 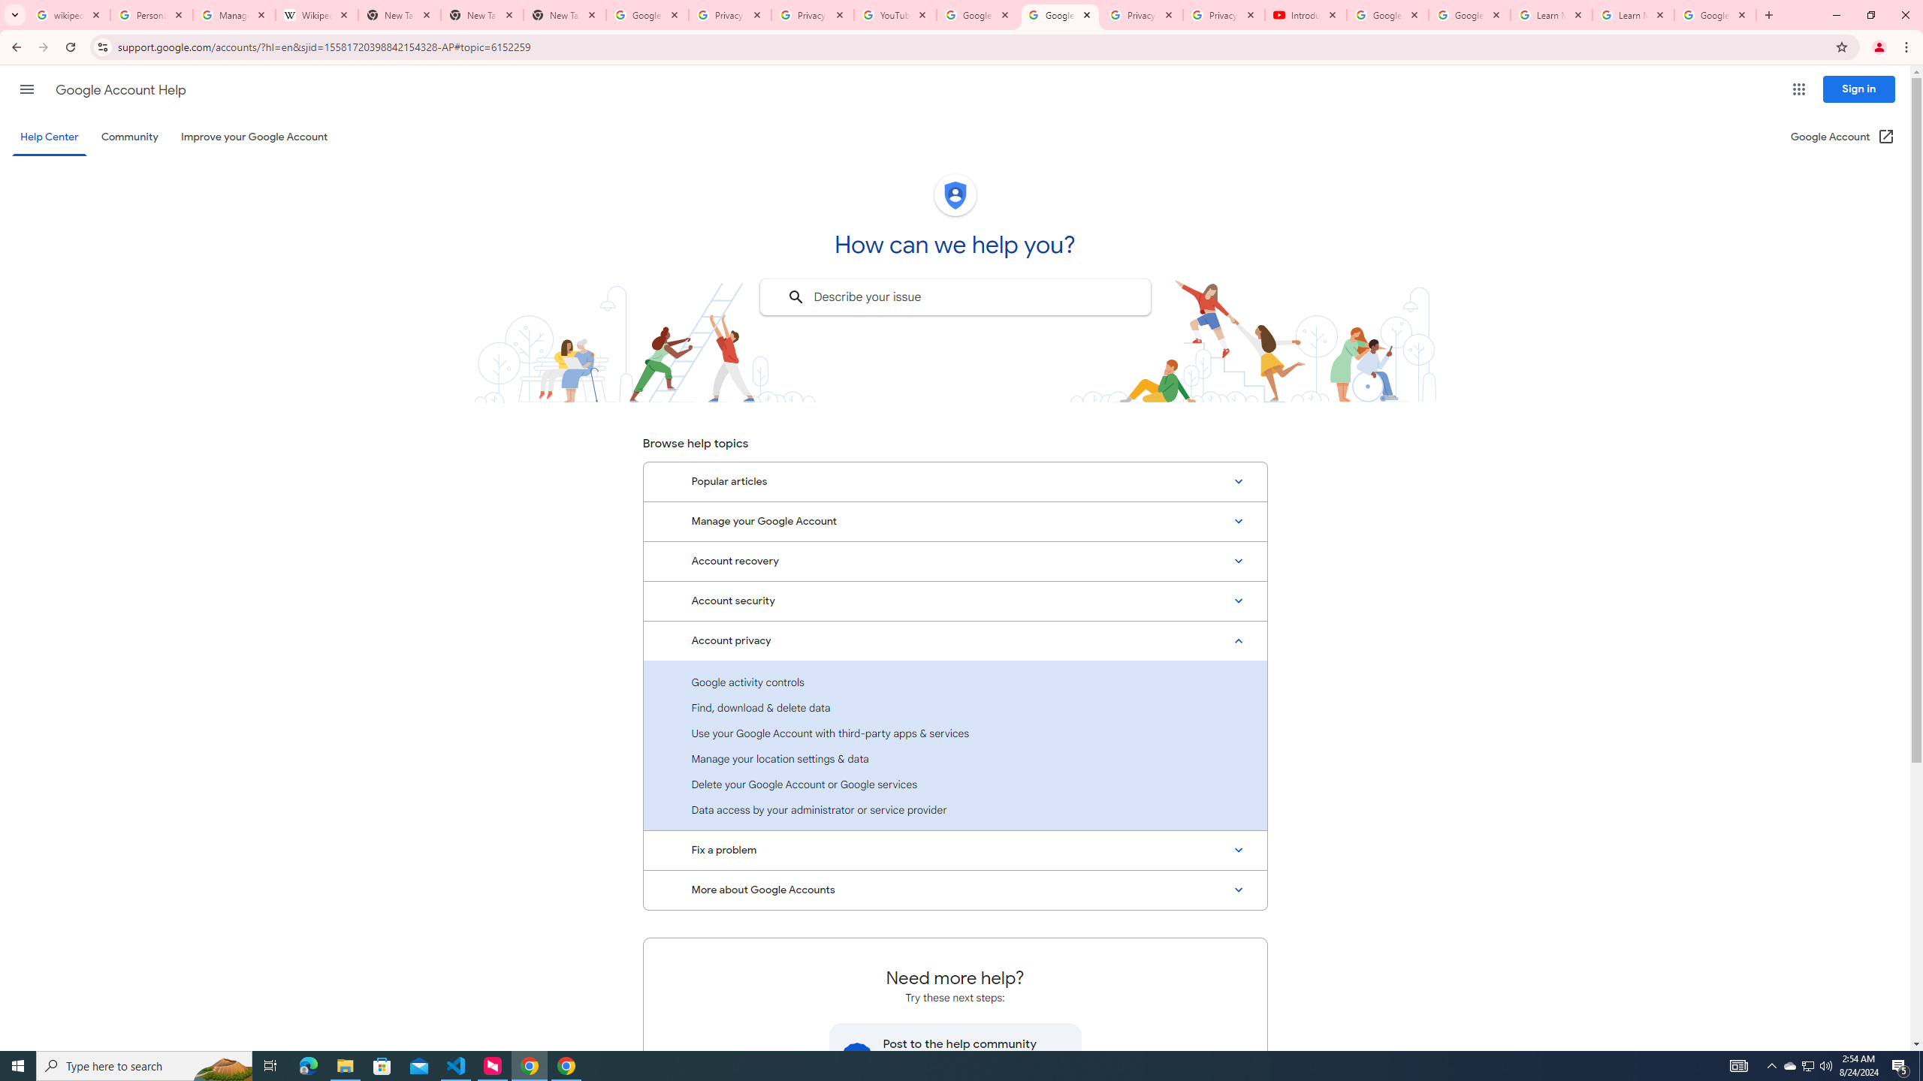 What do you see at coordinates (1305, 14) in the screenshot?
I see `'Introduction | Google Privacy Policy - YouTube'` at bounding box center [1305, 14].